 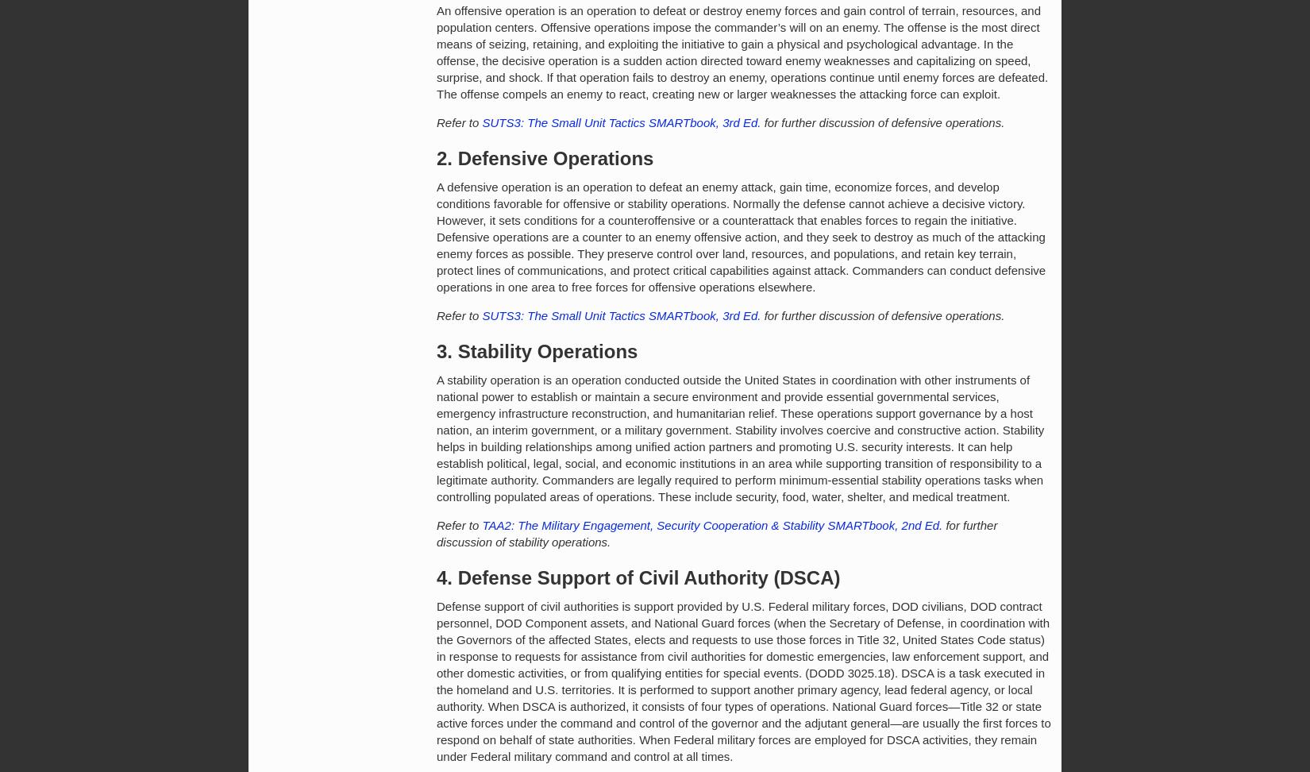 I want to click on '4. Defense Support of Civil Authority (DSCA)', so click(x=435, y=577).